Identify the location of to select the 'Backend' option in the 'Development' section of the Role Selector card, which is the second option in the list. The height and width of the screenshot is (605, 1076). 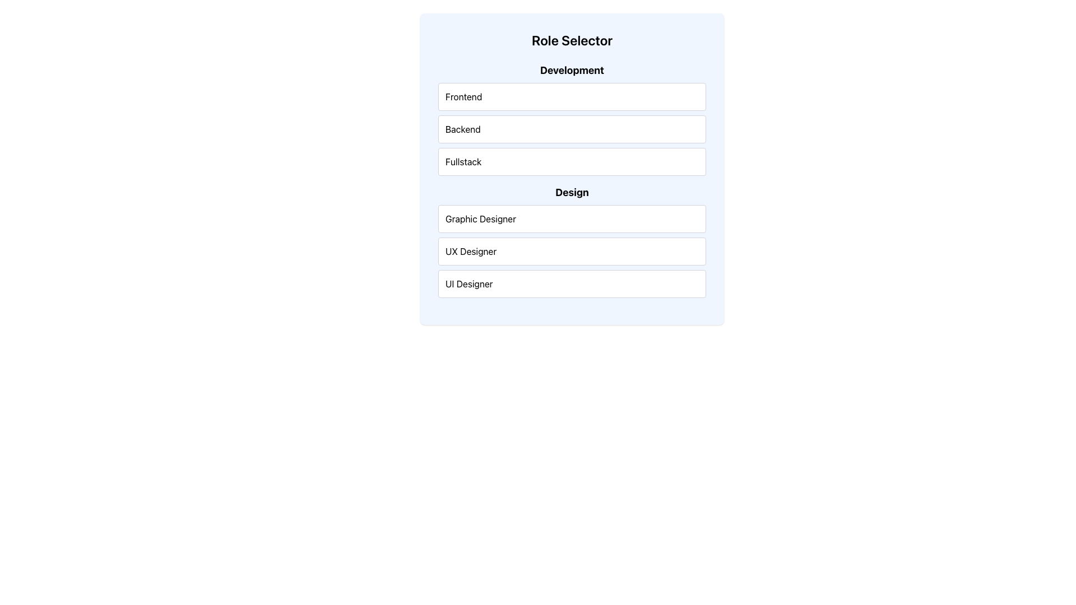
(572, 119).